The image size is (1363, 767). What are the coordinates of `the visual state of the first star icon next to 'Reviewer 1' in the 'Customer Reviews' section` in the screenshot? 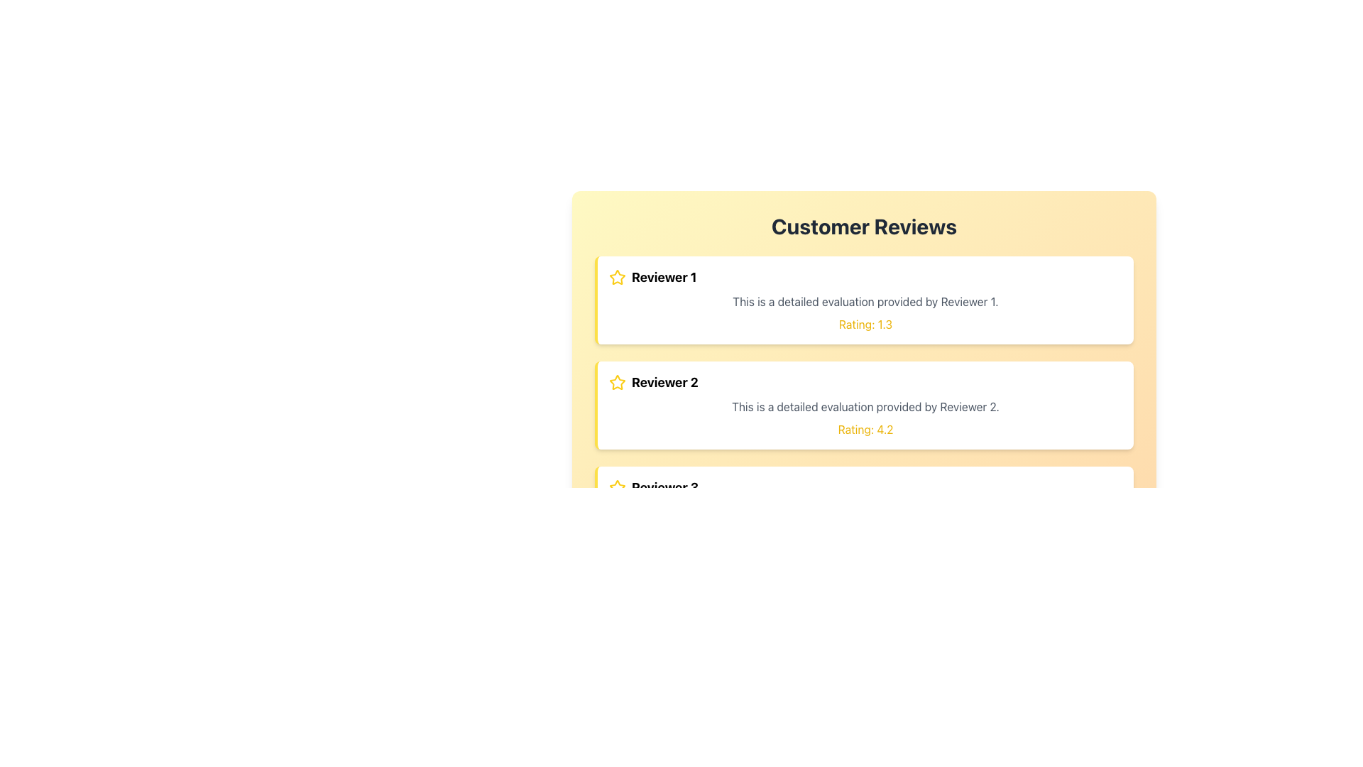 It's located at (617, 381).